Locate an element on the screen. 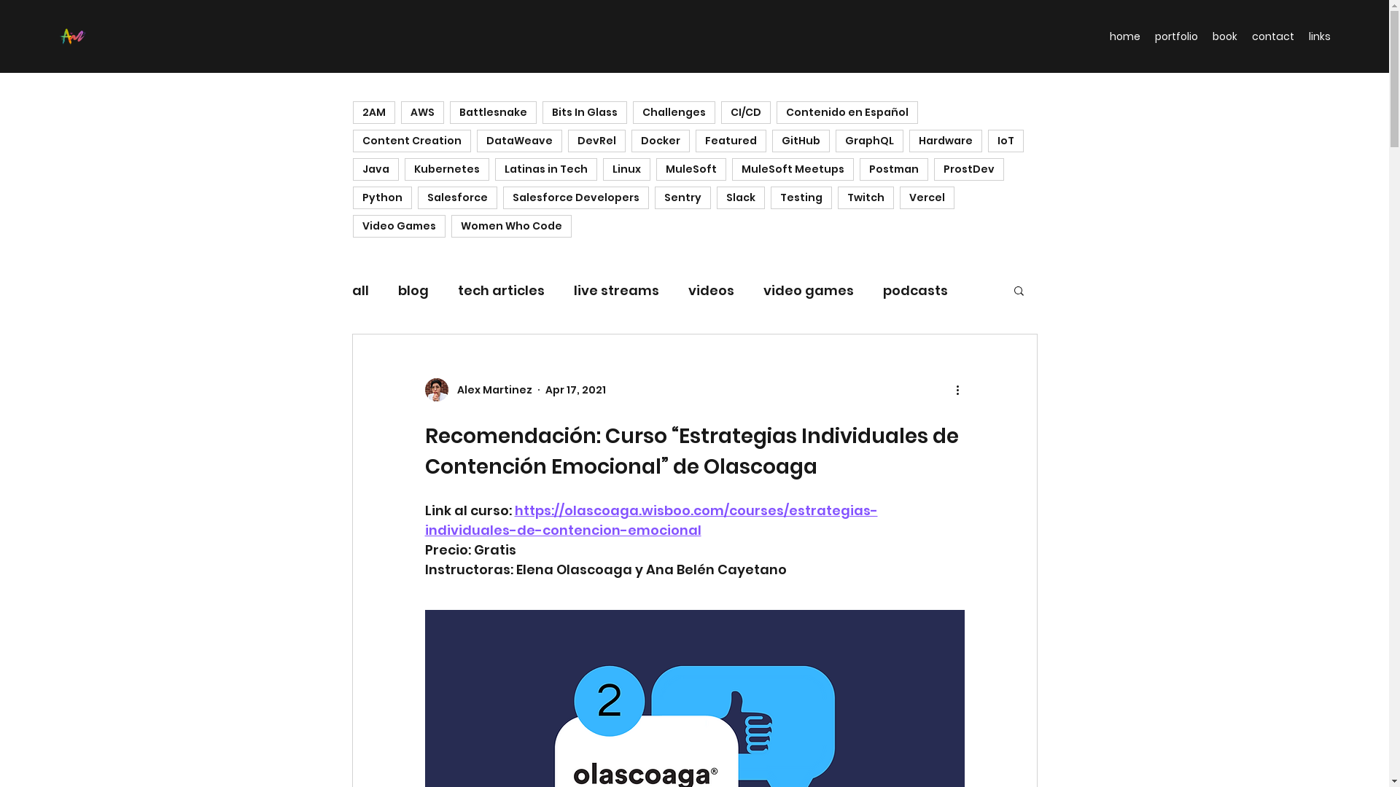 The width and height of the screenshot is (1400, 787). 'all' is located at coordinates (359, 289).